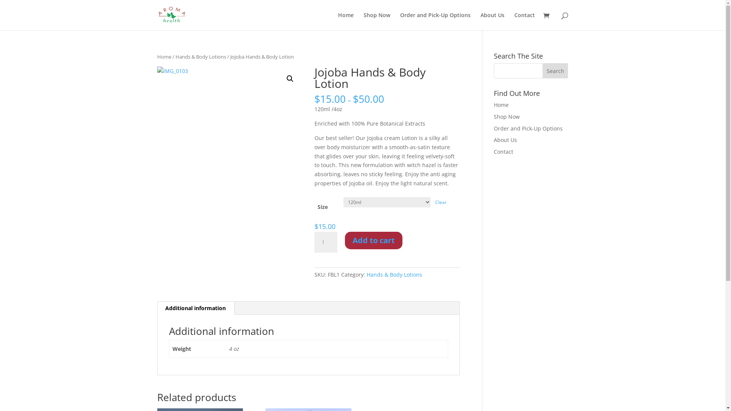  Describe the element at coordinates (492, 21) in the screenshot. I see `'About Us'` at that location.